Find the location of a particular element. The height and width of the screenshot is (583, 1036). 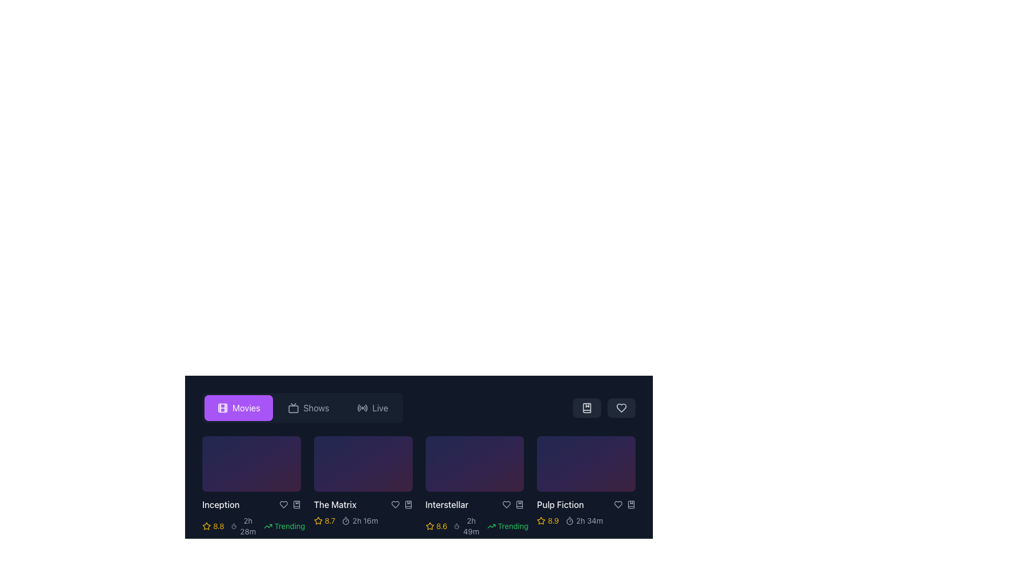

the third movie item card representing 'Interstellar' in the grid of movie cards is located at coordinates (474, 486).